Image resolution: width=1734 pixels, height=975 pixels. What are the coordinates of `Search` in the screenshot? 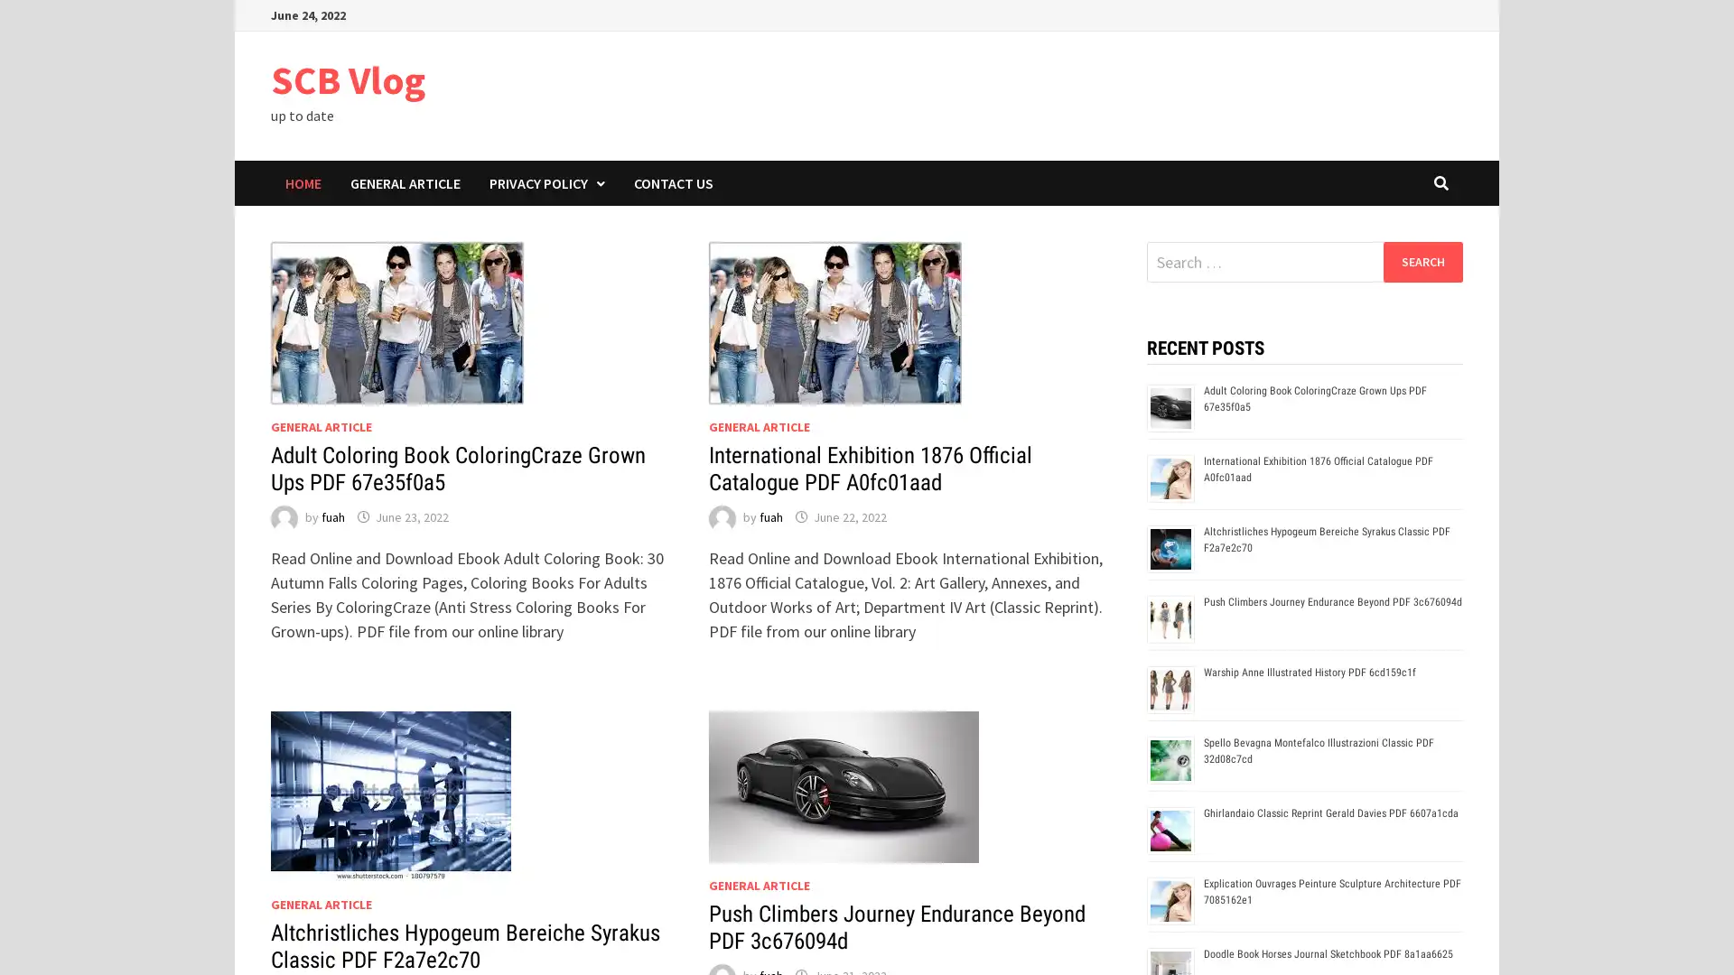 It's located at (1422, 261).